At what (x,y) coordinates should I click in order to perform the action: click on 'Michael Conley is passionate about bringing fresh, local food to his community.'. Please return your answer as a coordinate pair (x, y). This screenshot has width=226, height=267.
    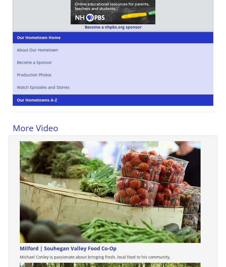
    Looking at the image, I should click on (95, 256).